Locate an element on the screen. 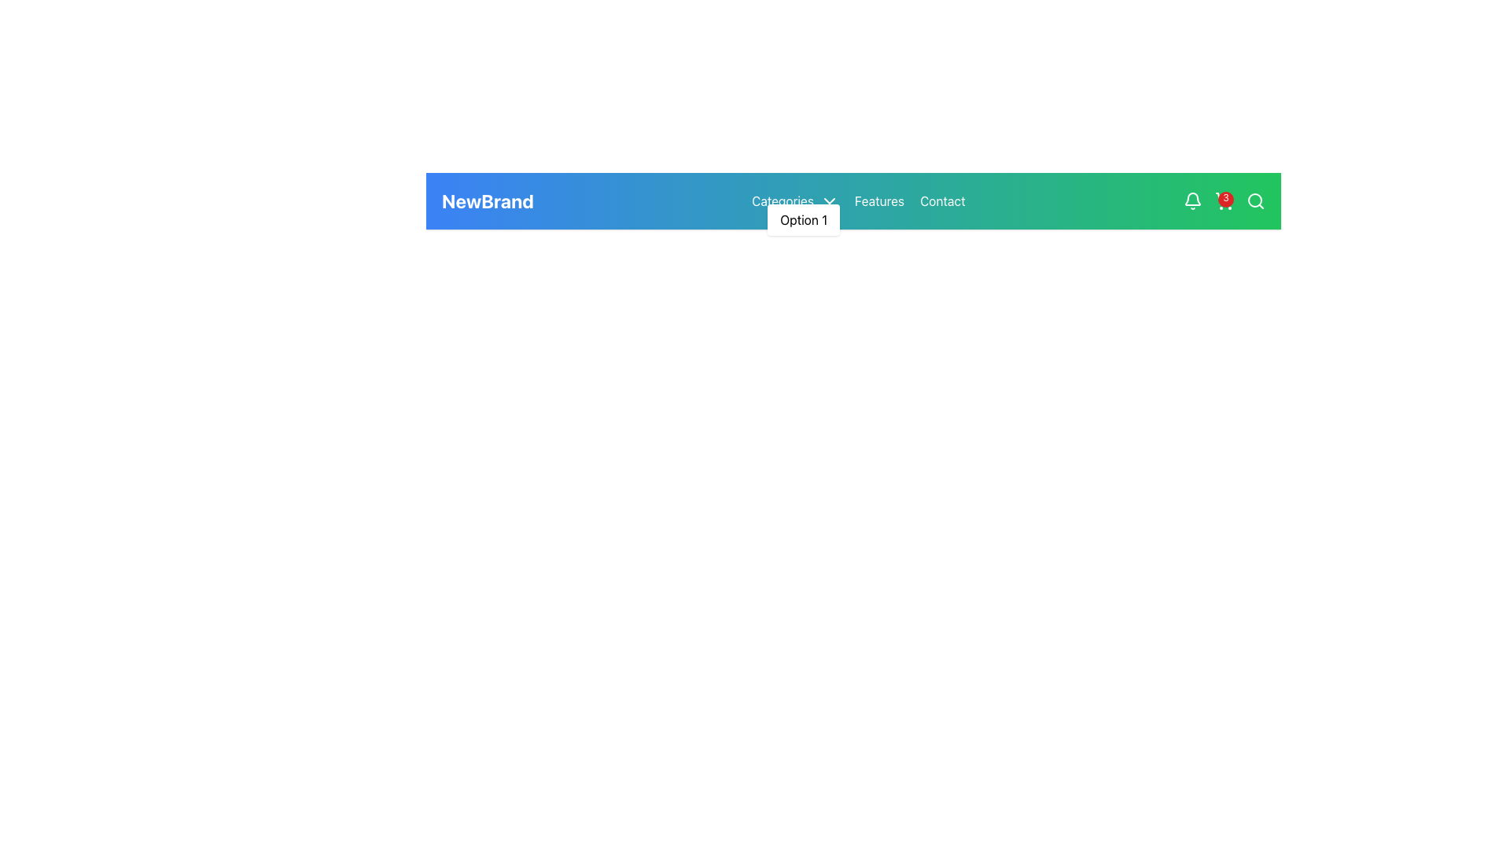 The width and height of the screenshot is (1510, 849). the red rounded badge displaying the number '3' is located at coordinates (1223, 200).